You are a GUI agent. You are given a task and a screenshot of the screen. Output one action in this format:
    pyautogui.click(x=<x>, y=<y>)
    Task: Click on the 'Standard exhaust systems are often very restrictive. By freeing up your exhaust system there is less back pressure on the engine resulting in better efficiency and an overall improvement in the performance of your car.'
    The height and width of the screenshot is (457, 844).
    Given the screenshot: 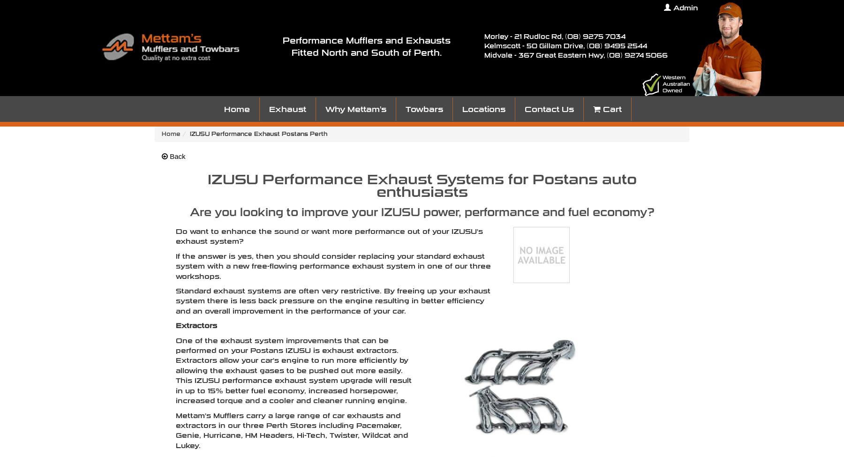 What is the action you would take?
    pyautogui.click(x=332, y=300)
    